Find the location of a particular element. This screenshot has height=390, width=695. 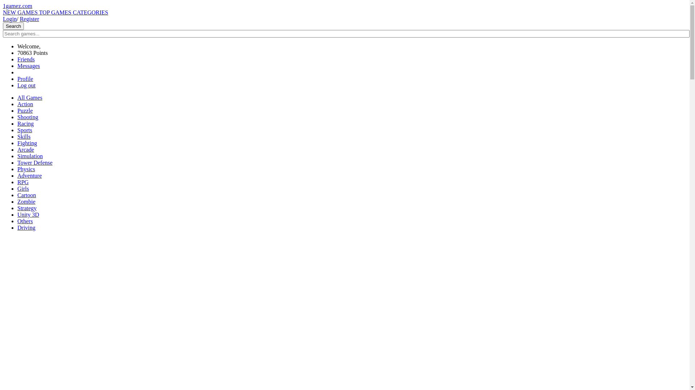

'Profile' is located at coordinates (17, 79).